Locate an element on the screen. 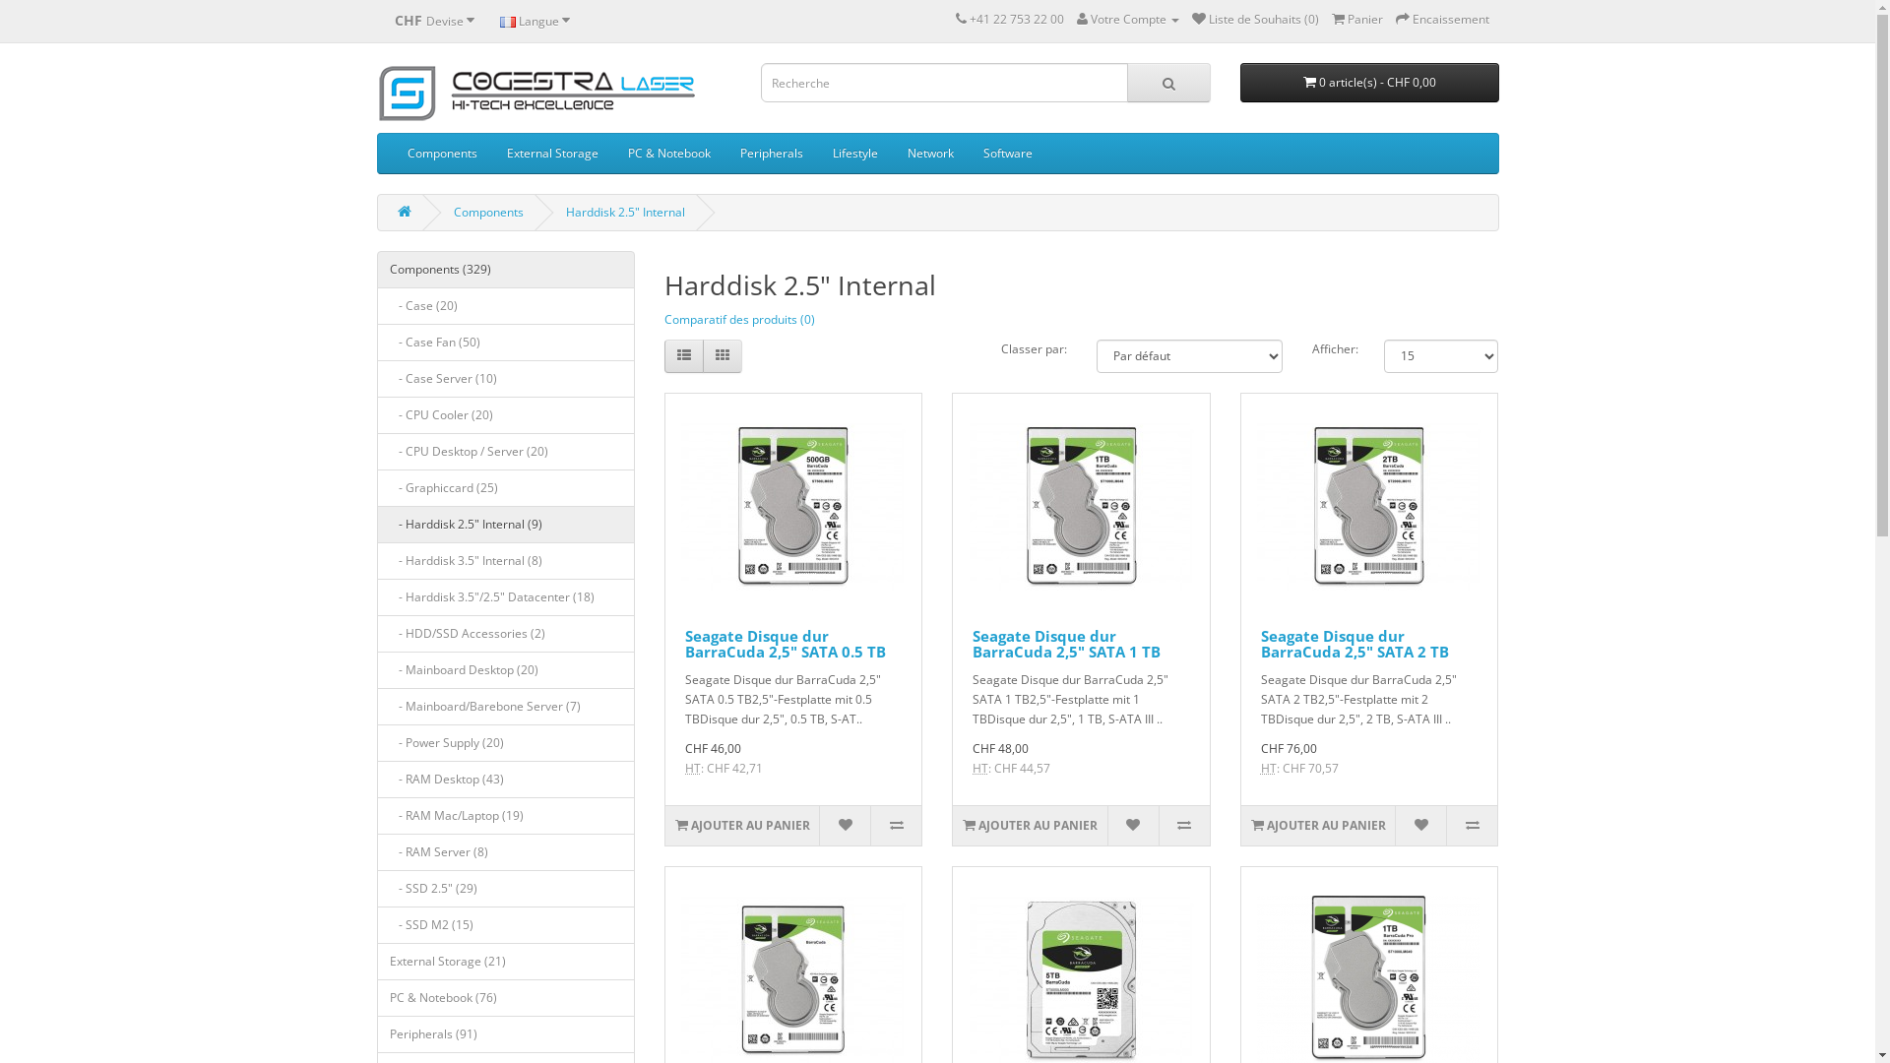 The image size is (1890, 1063). 'Liste de Souhaits (0)' is located at coordinates (1253, 19).